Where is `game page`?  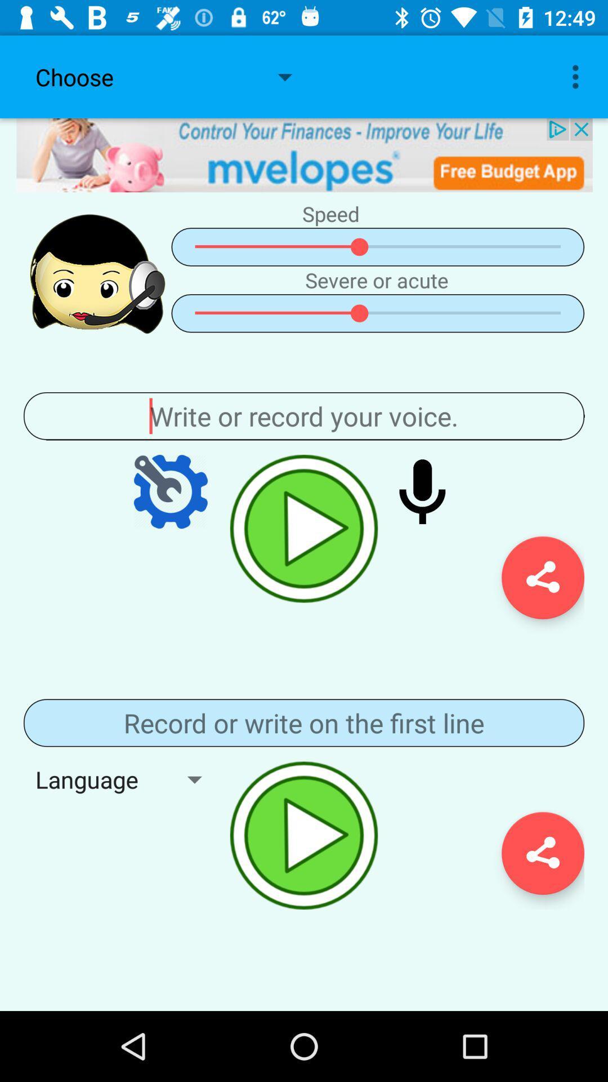 game page is located at coordinates (304, 722).